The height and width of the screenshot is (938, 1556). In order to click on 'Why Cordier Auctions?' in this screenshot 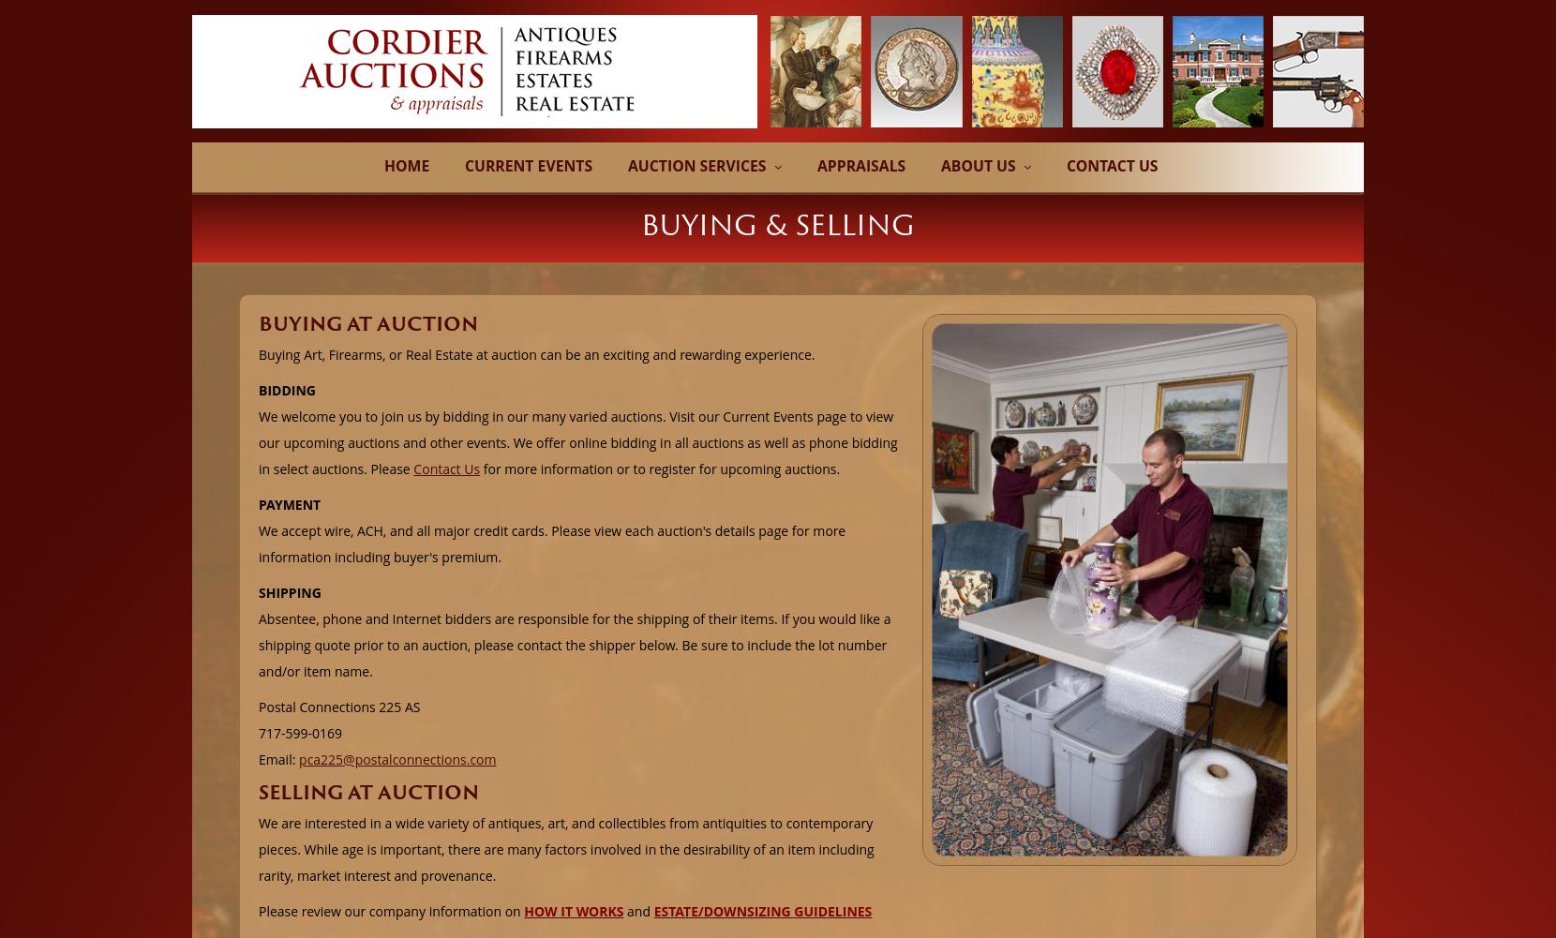, I will do `click(941, 192)`.